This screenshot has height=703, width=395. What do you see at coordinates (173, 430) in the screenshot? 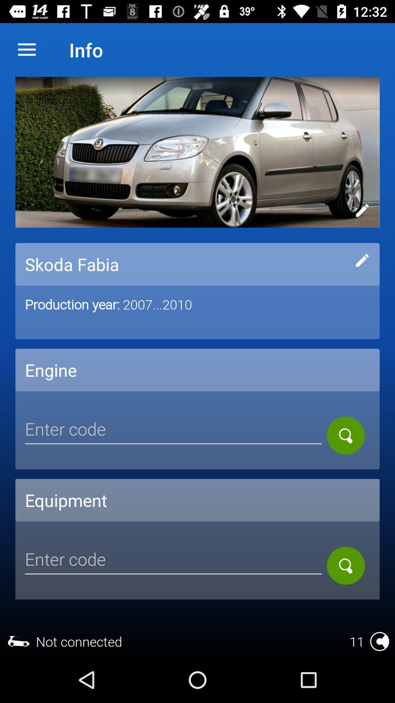
I see `code` at bounding box center [173, 430].